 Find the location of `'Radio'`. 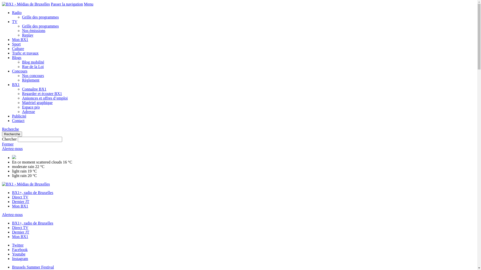

'Radio' is located at coordinates (17, 12).